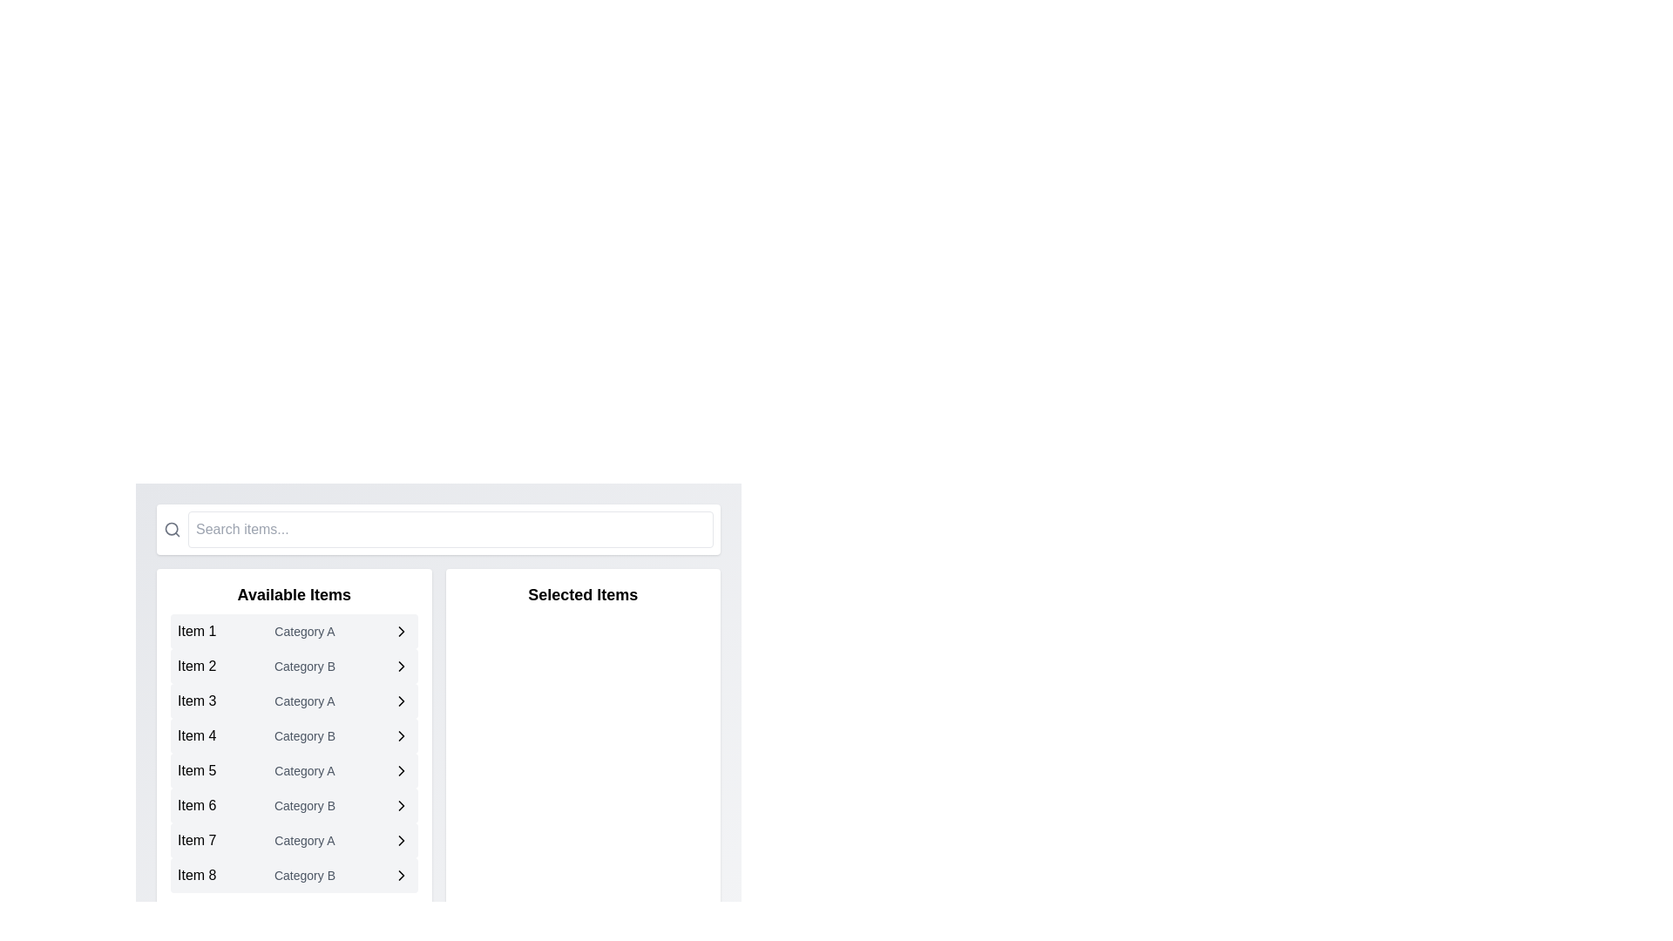 The height and width of the screenshot is (941, 1673). What do you see at coordinates (401, 876) in the screenshot?
I see `the rightward chevron SVG graphical element located in the row labeled 'Item 8 Category B' under the 'Available Items' section` at bounding box center [401, 876].